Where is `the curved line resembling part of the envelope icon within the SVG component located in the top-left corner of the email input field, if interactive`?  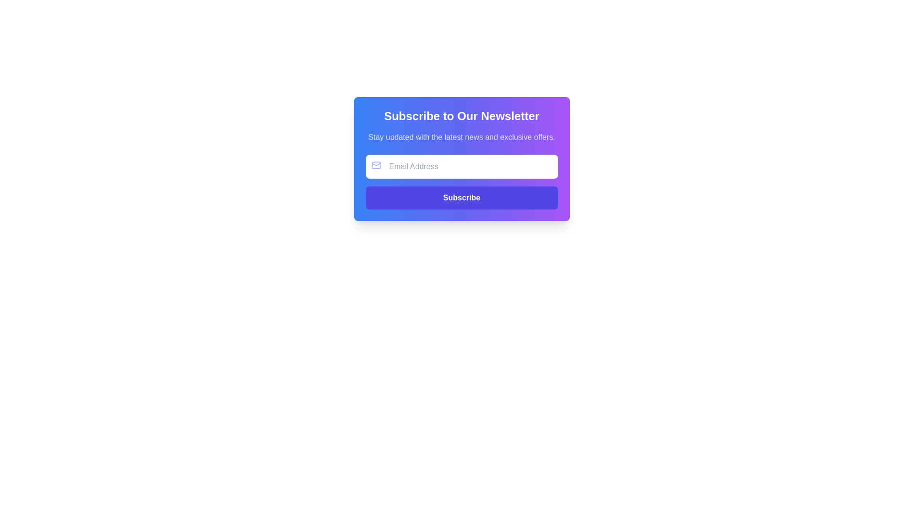
the curved line resembling part of the envelope icon within the SVG component located in the top-left corner of the email input field, if interactive is located at coordinates (375, 164).